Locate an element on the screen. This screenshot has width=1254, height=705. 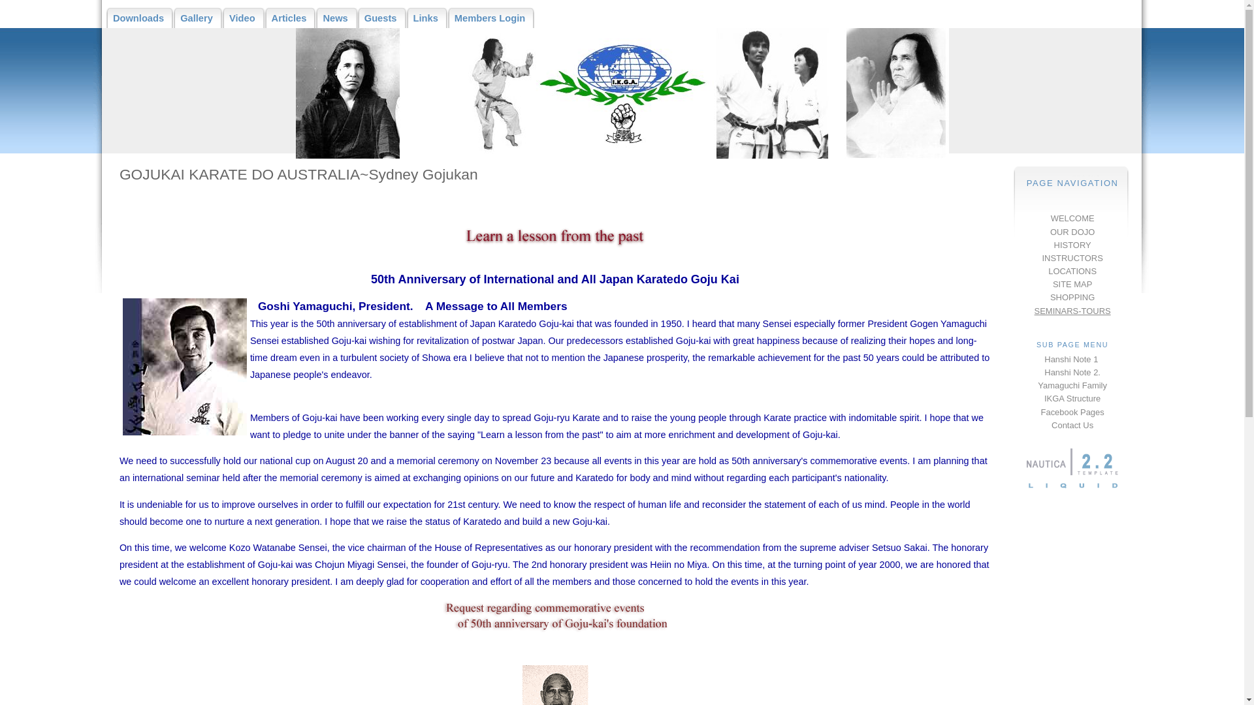
'WELCOME' is located at coordinates (1072, 217).